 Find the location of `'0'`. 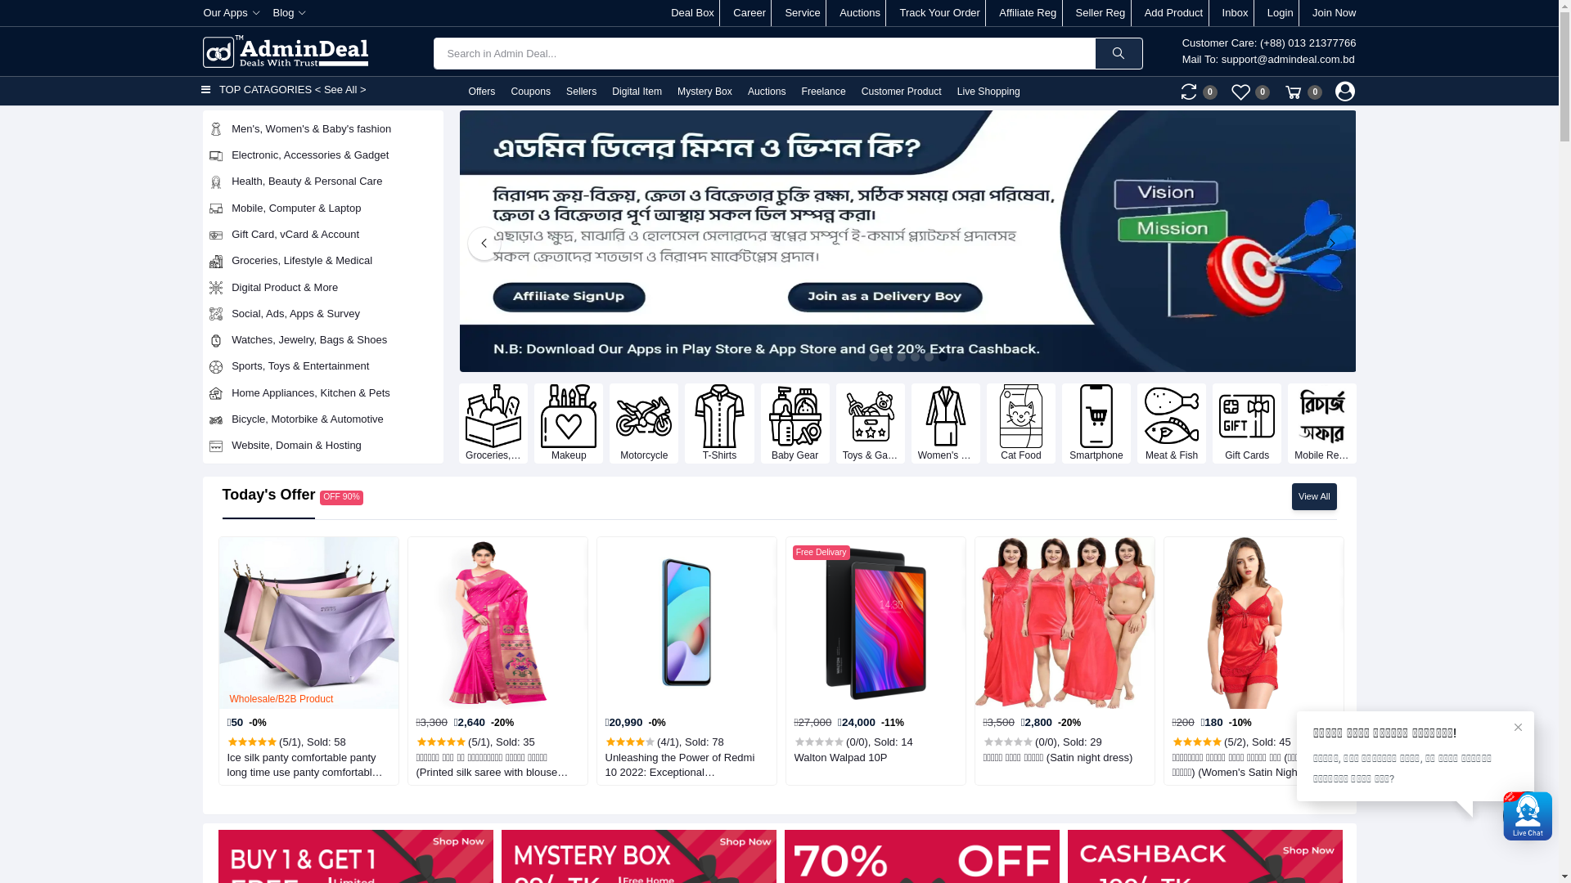

'0' is located at coordinates (1198, 91).